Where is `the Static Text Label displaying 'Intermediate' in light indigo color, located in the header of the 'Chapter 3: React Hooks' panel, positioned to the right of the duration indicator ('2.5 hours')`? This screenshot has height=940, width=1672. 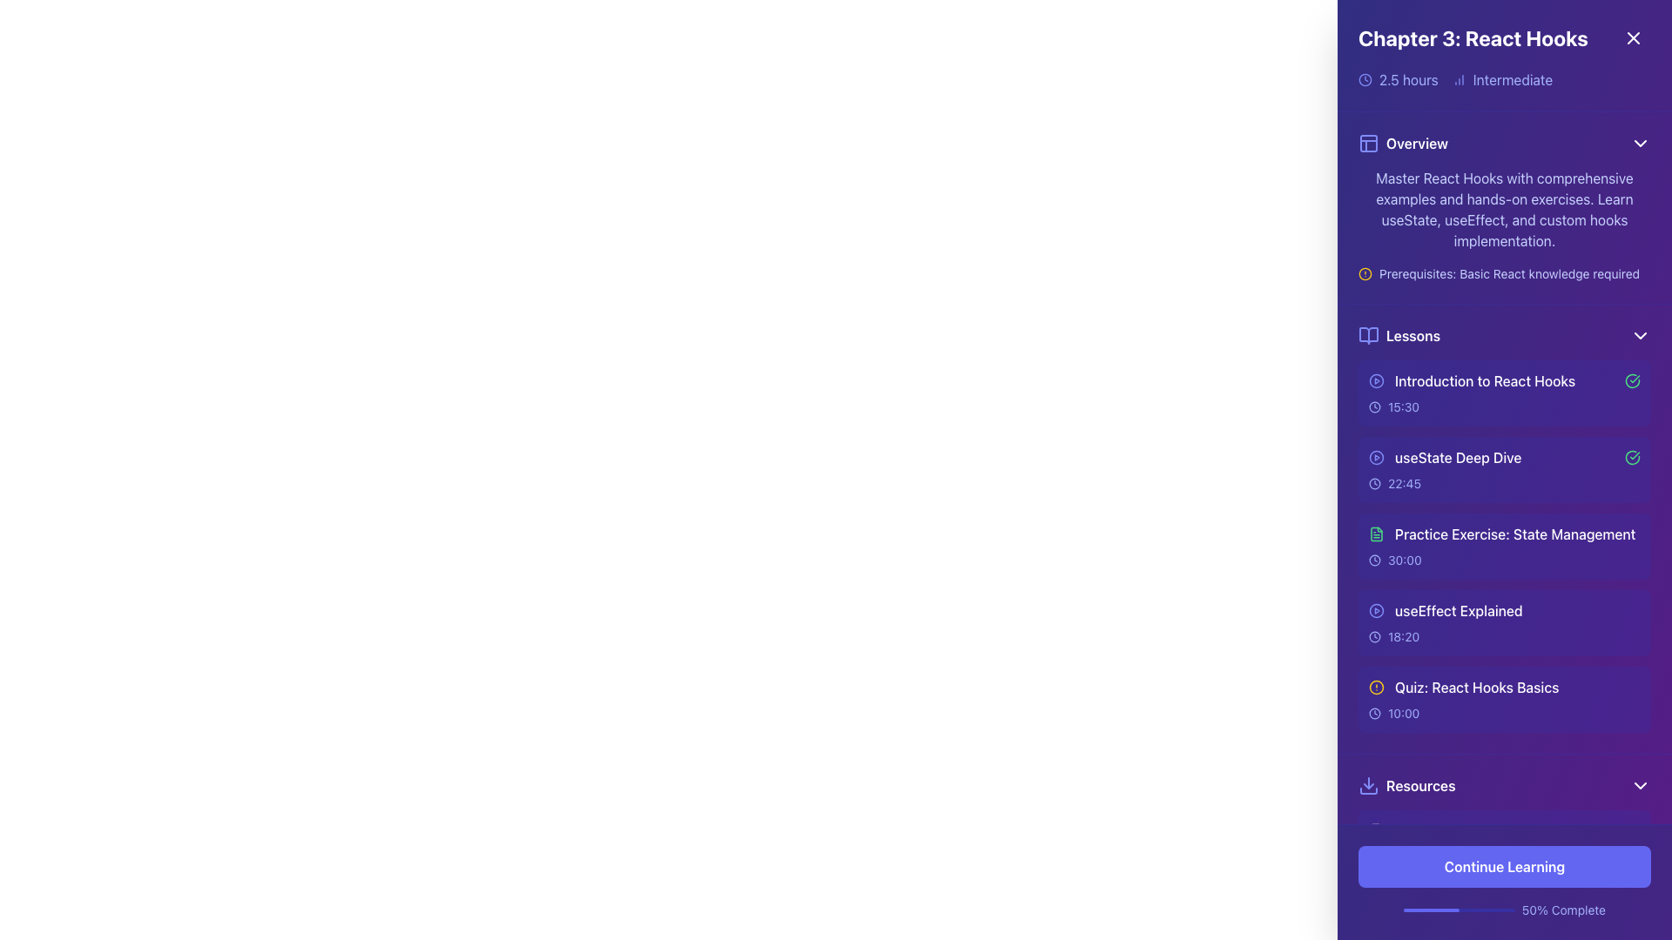 the Static Text Label displaying 'Intermediate' in light indigo color, located in the header of the 'Chapter 3: React Hooks' panel, positioned to the right of the duration indicator ('2.5 hours') is located at coordinates (1512, 80).